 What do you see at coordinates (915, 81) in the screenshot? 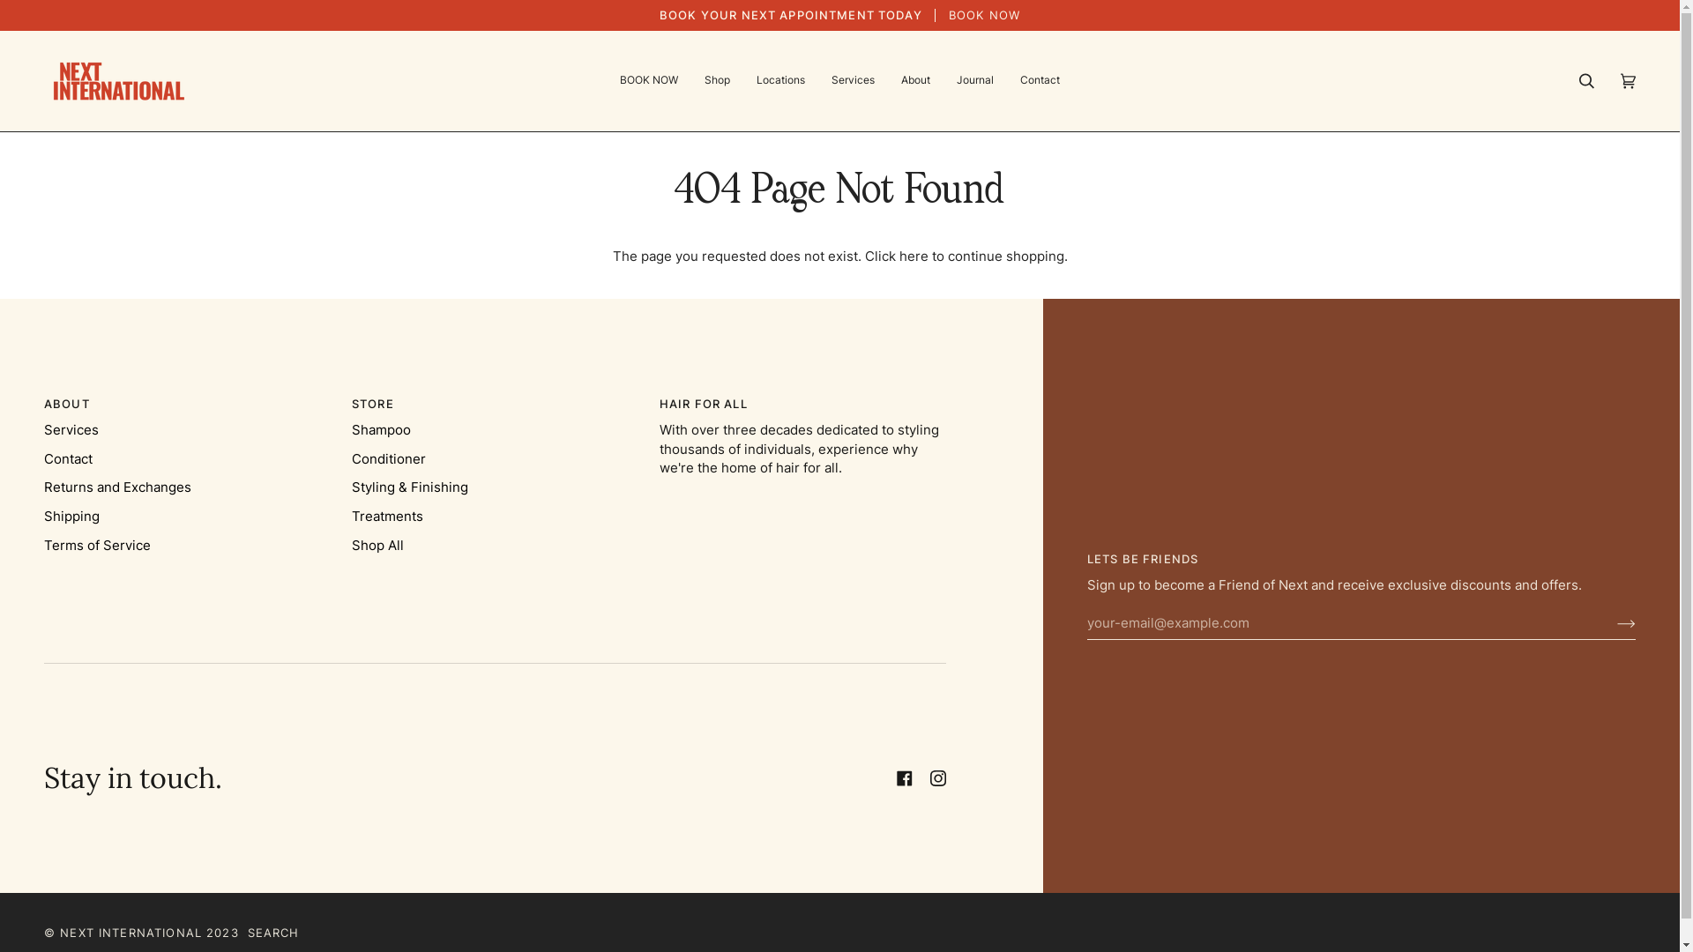
I see `'About'` at bounding box center [915, 81].